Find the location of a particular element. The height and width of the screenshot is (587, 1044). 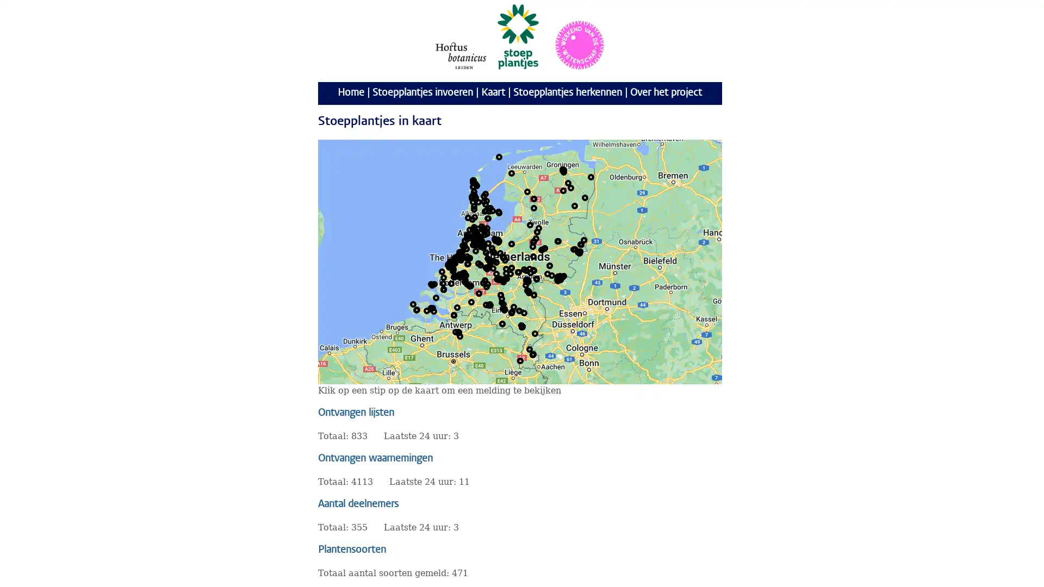

Telling van Nol van Kooten op 13 oktober 2021 is located at coordinates (482, 247).